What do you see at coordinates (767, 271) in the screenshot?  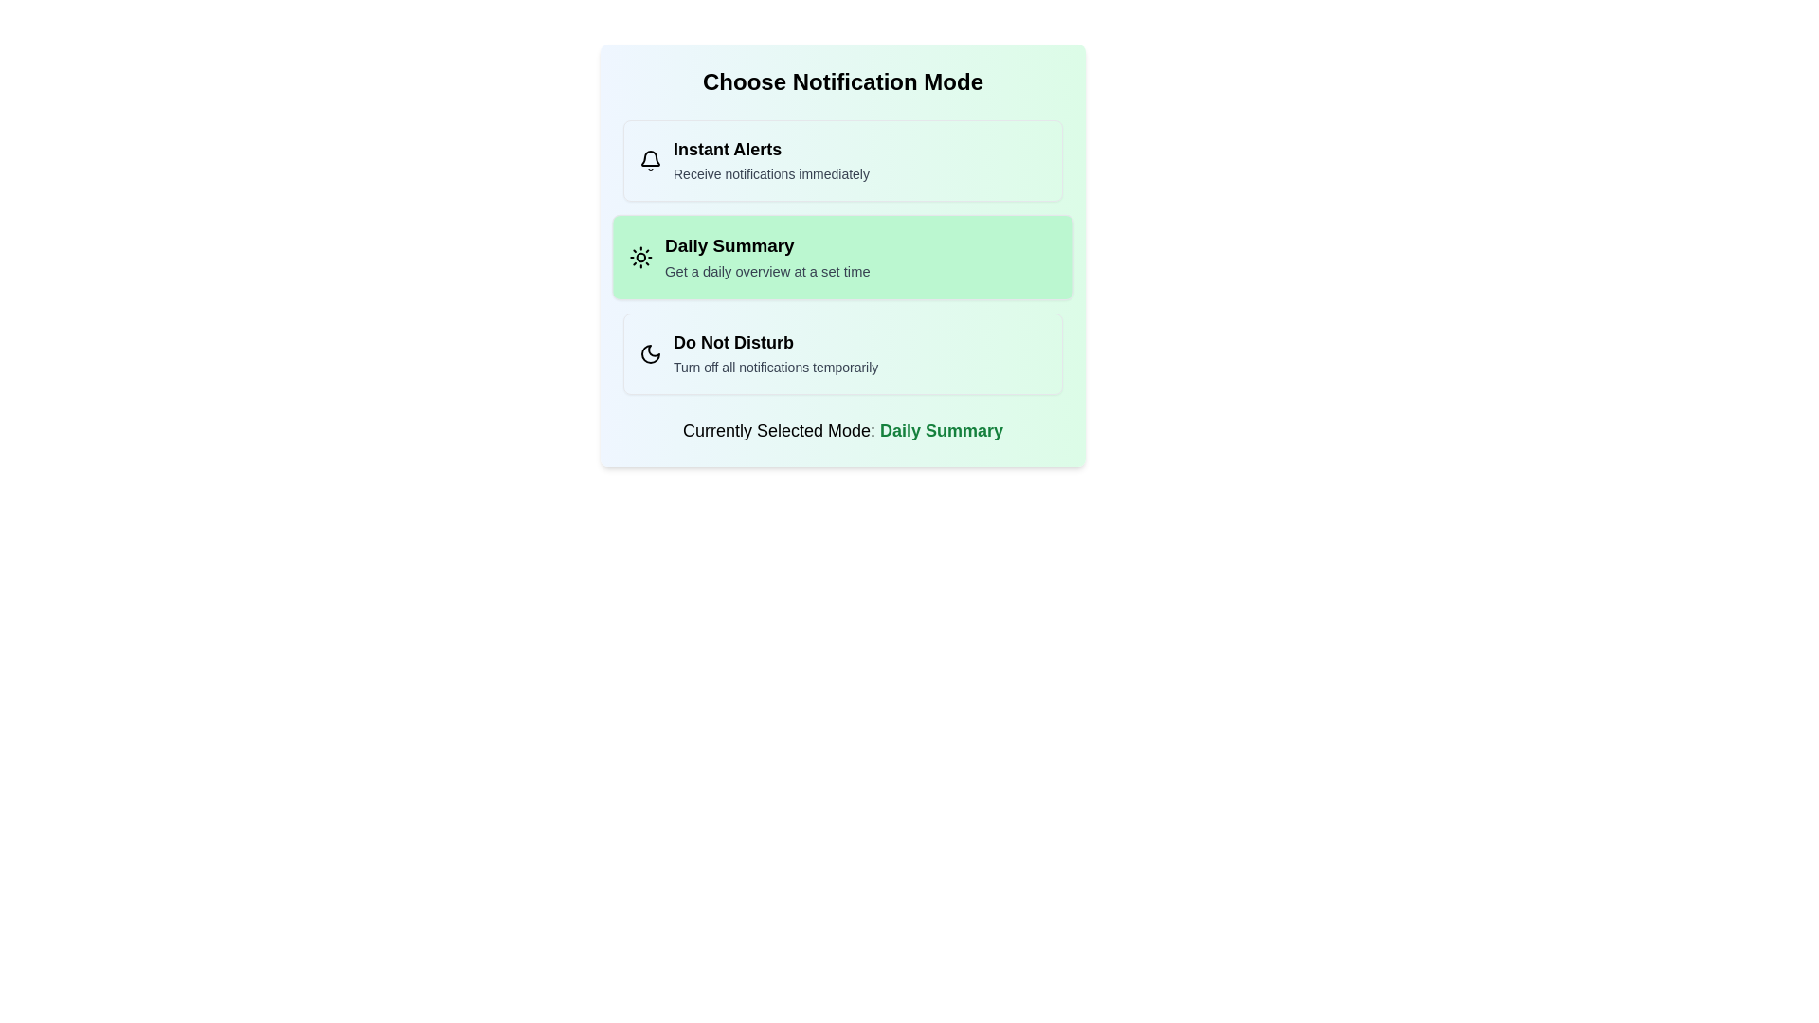 I see `the text label displaying 'Get a daily overview at a set time', which is located centrally beneath 'Daily Summary' within a highlighted green box` at bounding box center [767, 271].